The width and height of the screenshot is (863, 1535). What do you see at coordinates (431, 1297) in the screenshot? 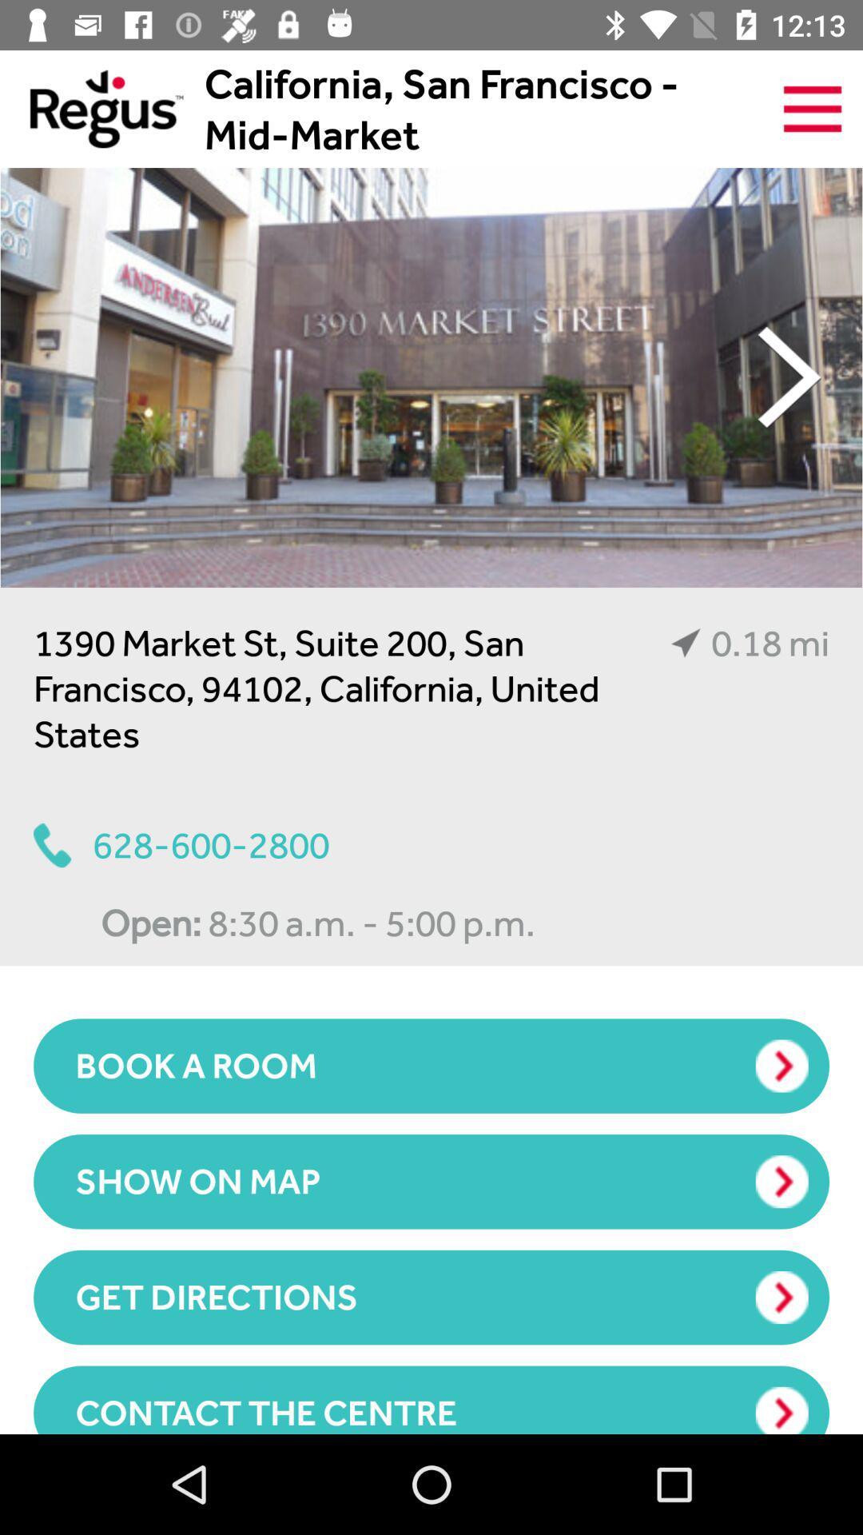
I see `get directions item` at bounding box center [431, 1297].